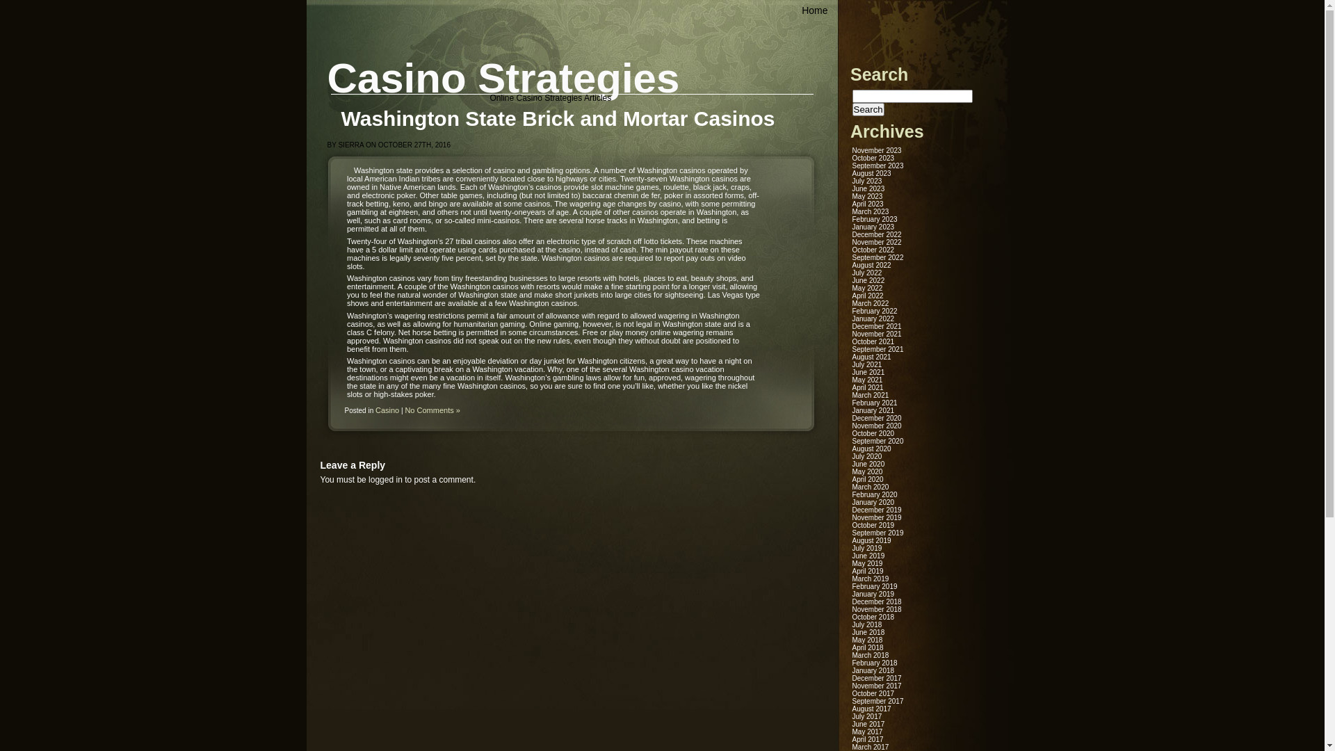  What do you see at coordinates (877, 441) in the screenshot?
I see `'September 2020'` at bounding box center [877, 441].